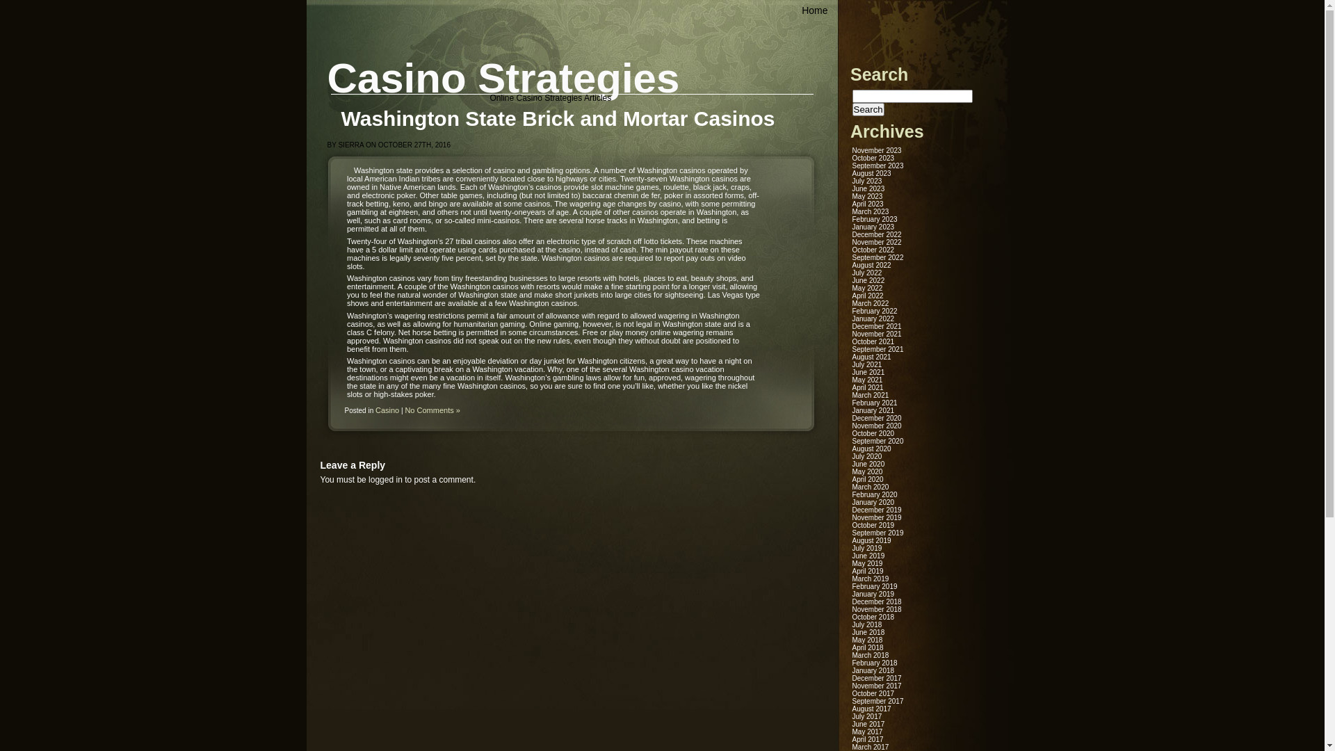  What do you see at coordinates (877, 441) in the screenshot?
I see `'September 2020'` at bounding box center [877, 441].